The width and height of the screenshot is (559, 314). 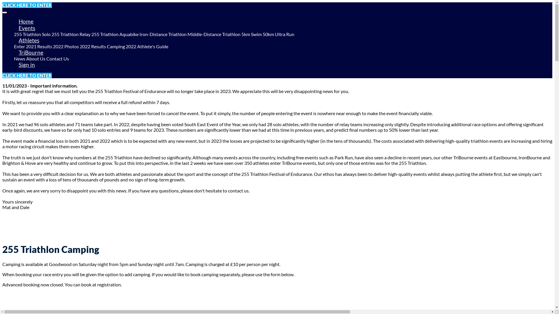 I want to click on 'Middle-Distance Triathlon', so click(x=213, y=34).